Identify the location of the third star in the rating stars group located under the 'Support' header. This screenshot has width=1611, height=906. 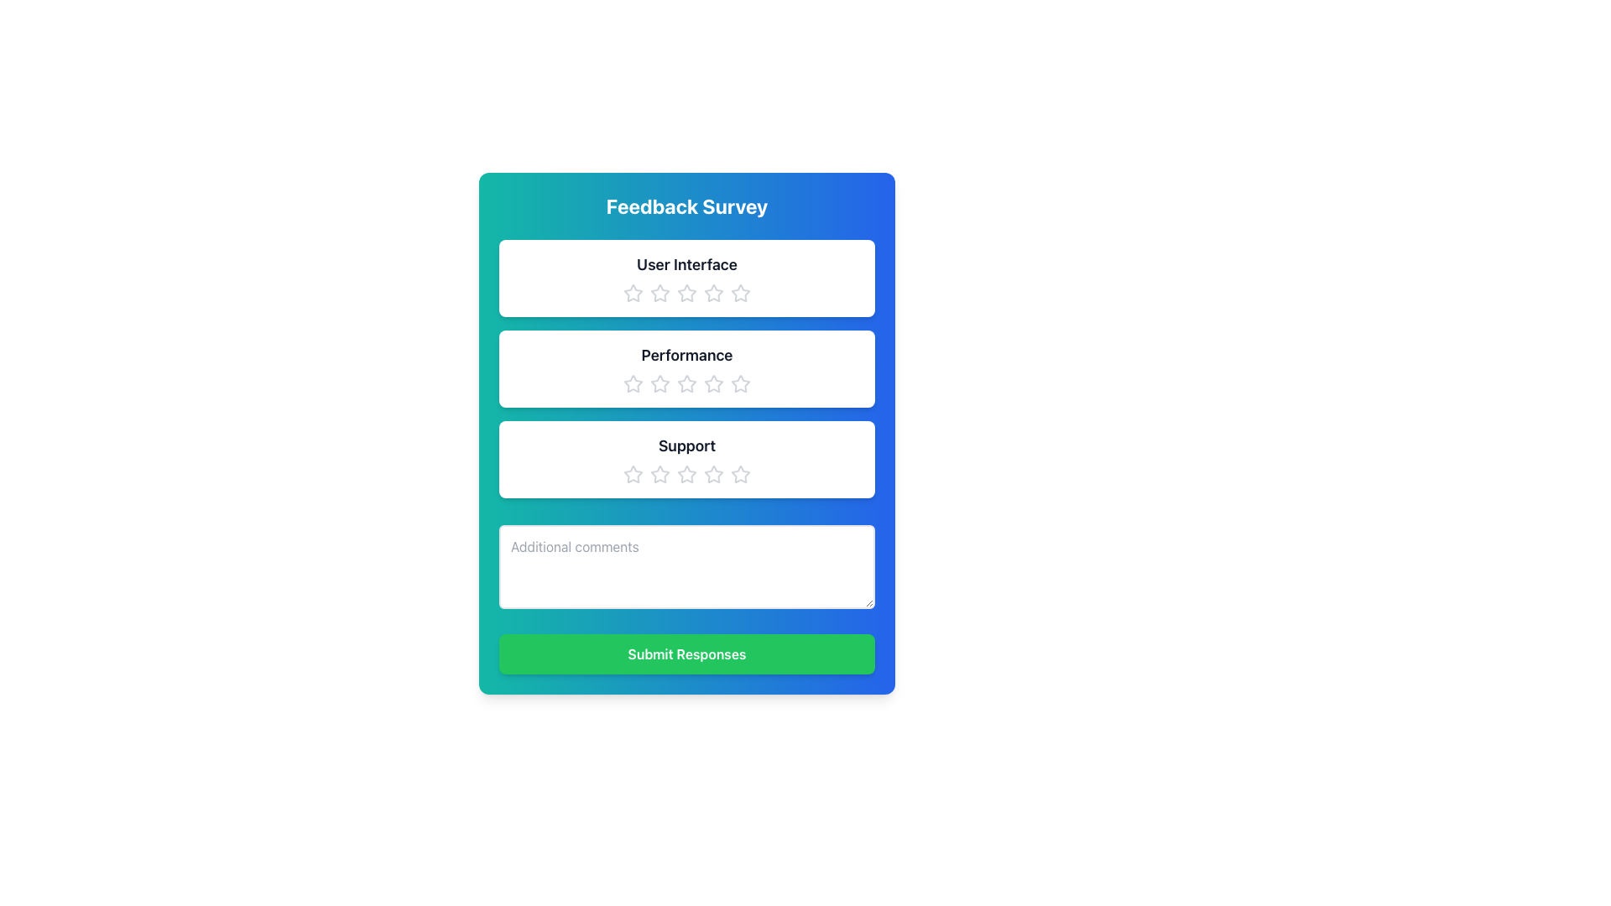
(687, 475).